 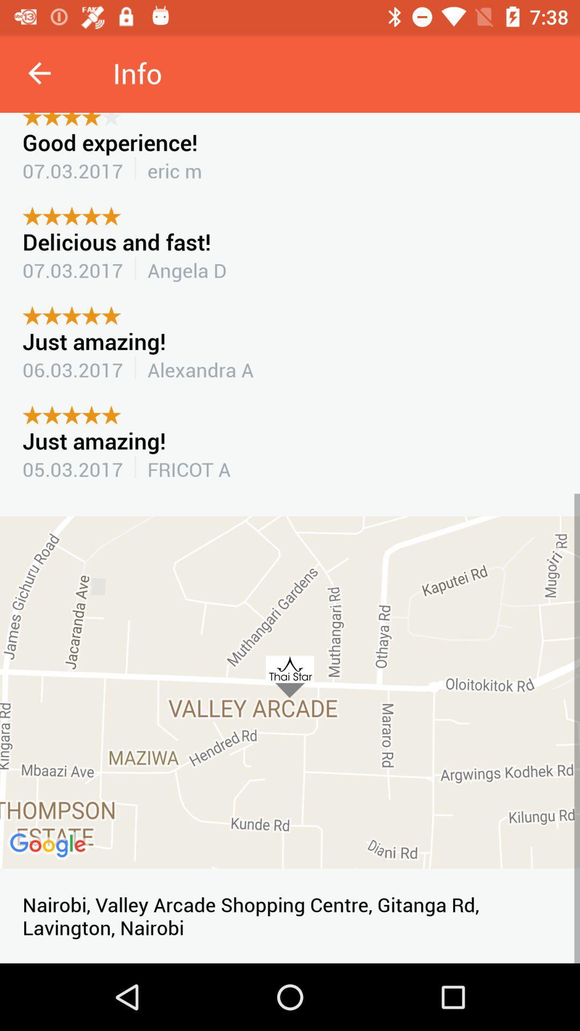 I want to click on item below 05.03.2017, so click(x=290, y=692).